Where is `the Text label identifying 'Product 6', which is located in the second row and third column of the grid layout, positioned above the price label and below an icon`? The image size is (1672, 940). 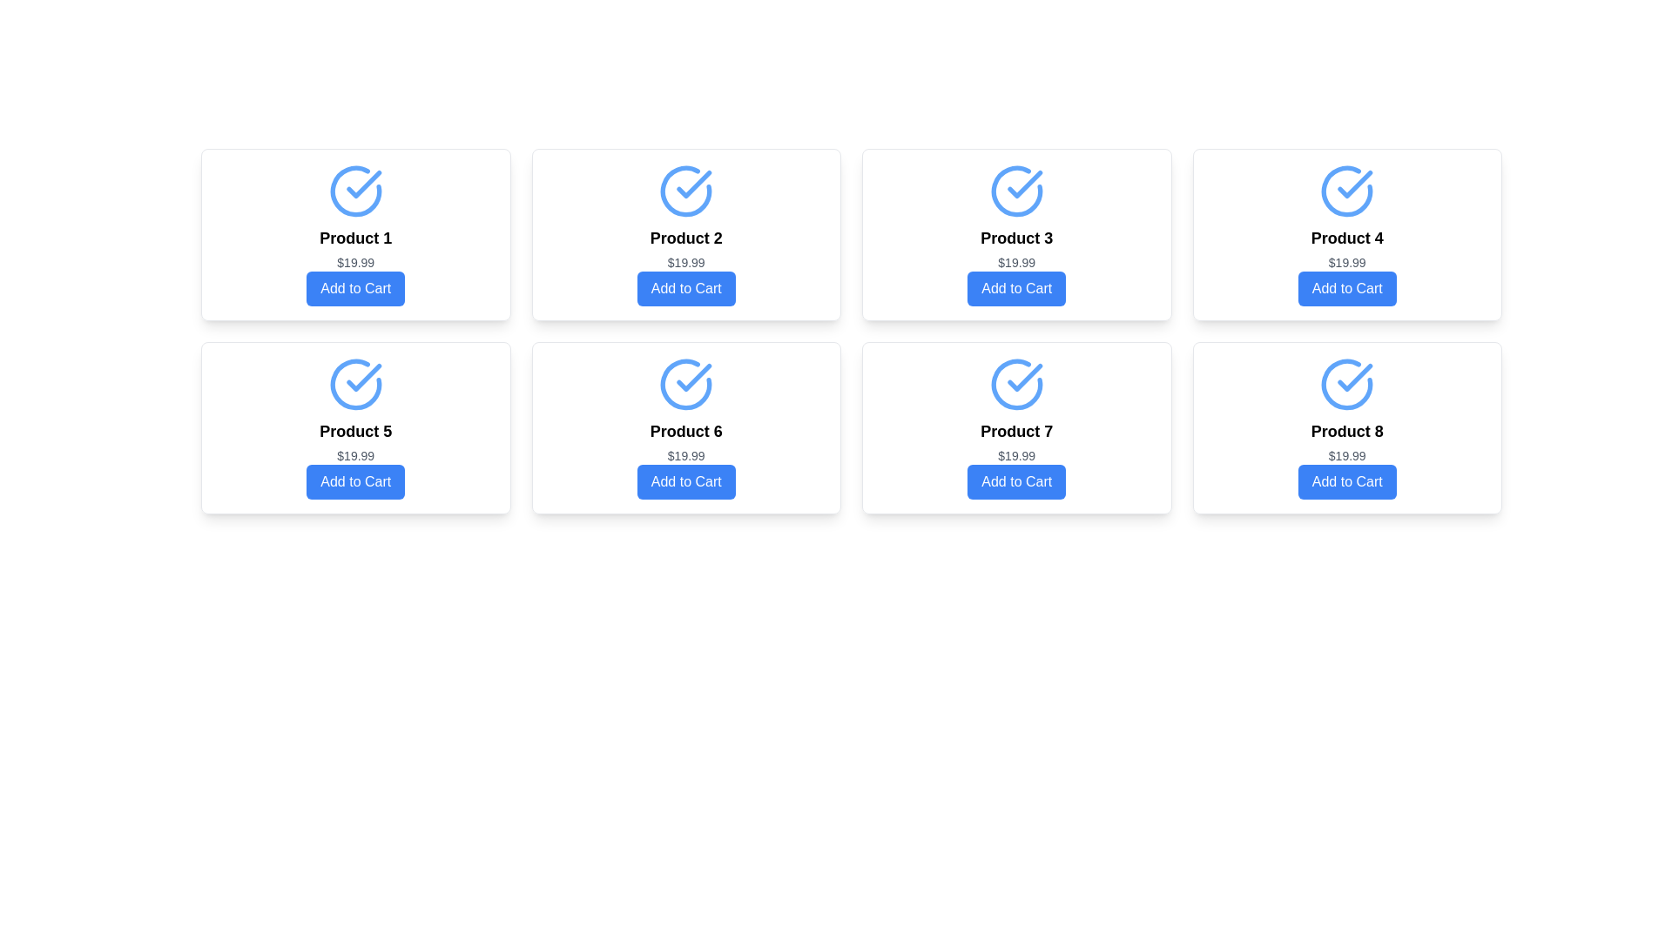 the Text label identifying 'Product 6', which is located in the second row and third column of the grid layout, positioned above the price label and below an icon is located at coordinates (685, 431).